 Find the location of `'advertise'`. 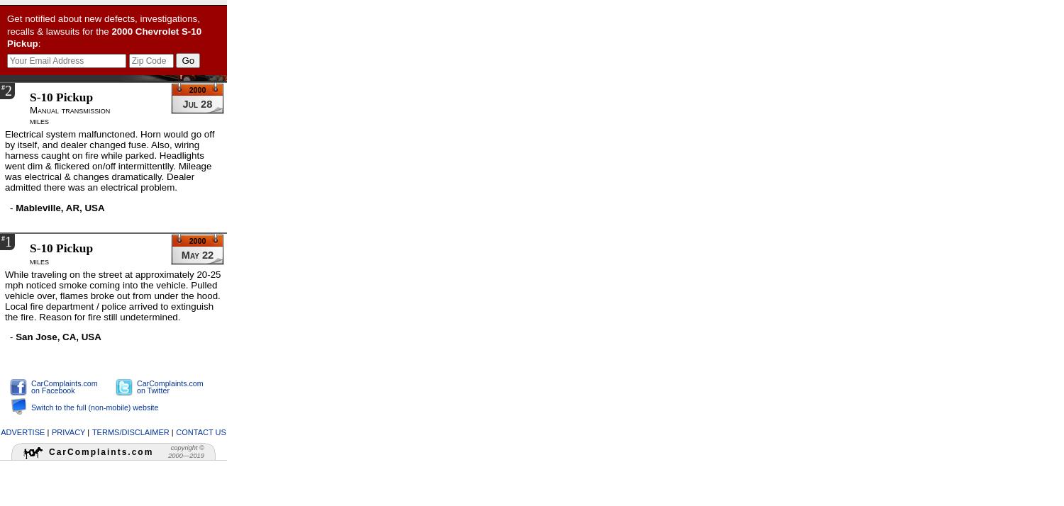

'advertise' is located at coordinates (1, 430).